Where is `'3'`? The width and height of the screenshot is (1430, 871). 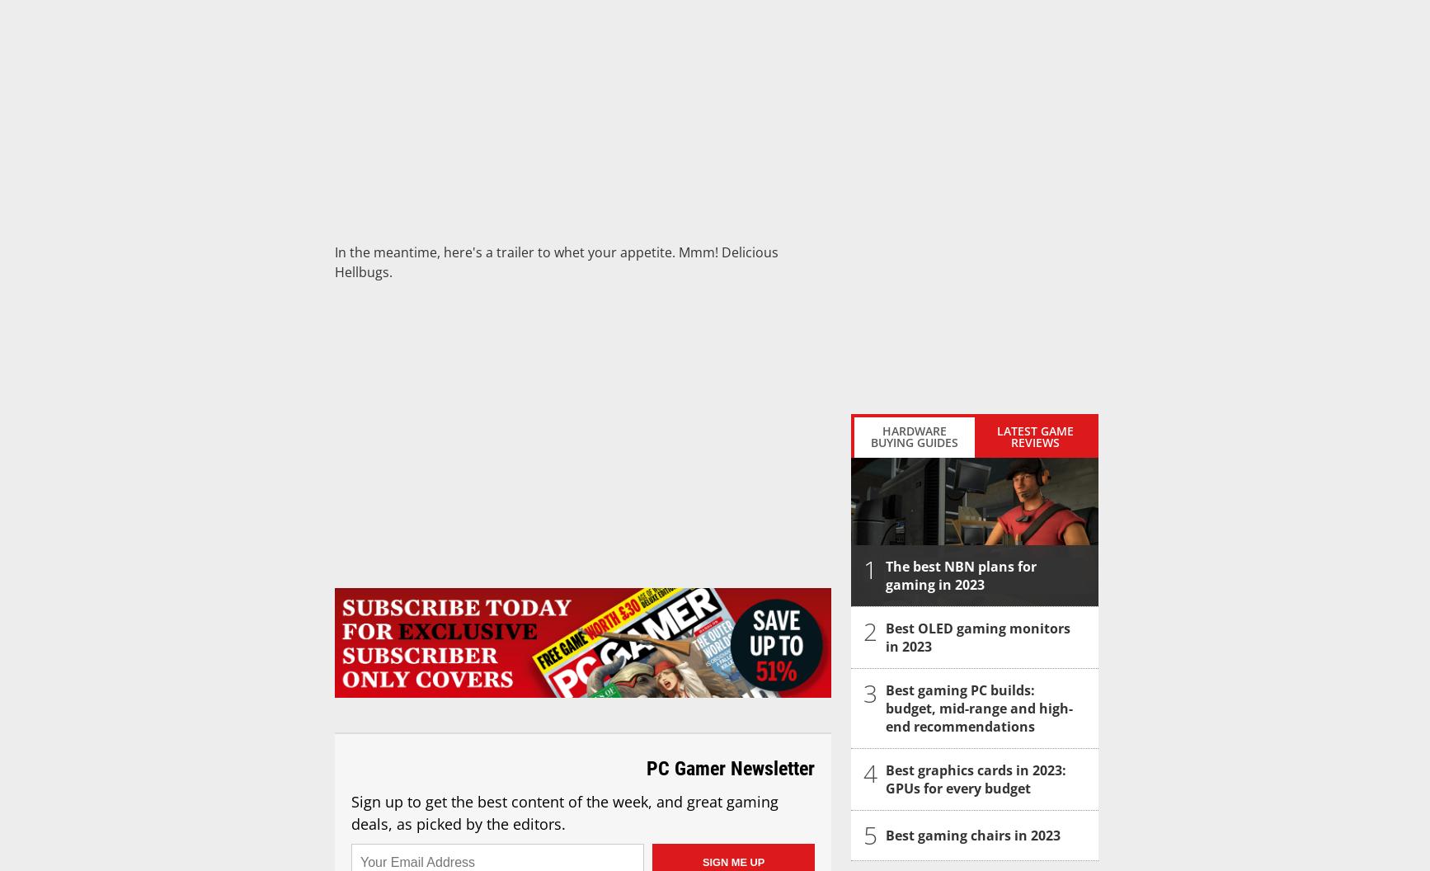
'3' is located at coordinates (870, 693).